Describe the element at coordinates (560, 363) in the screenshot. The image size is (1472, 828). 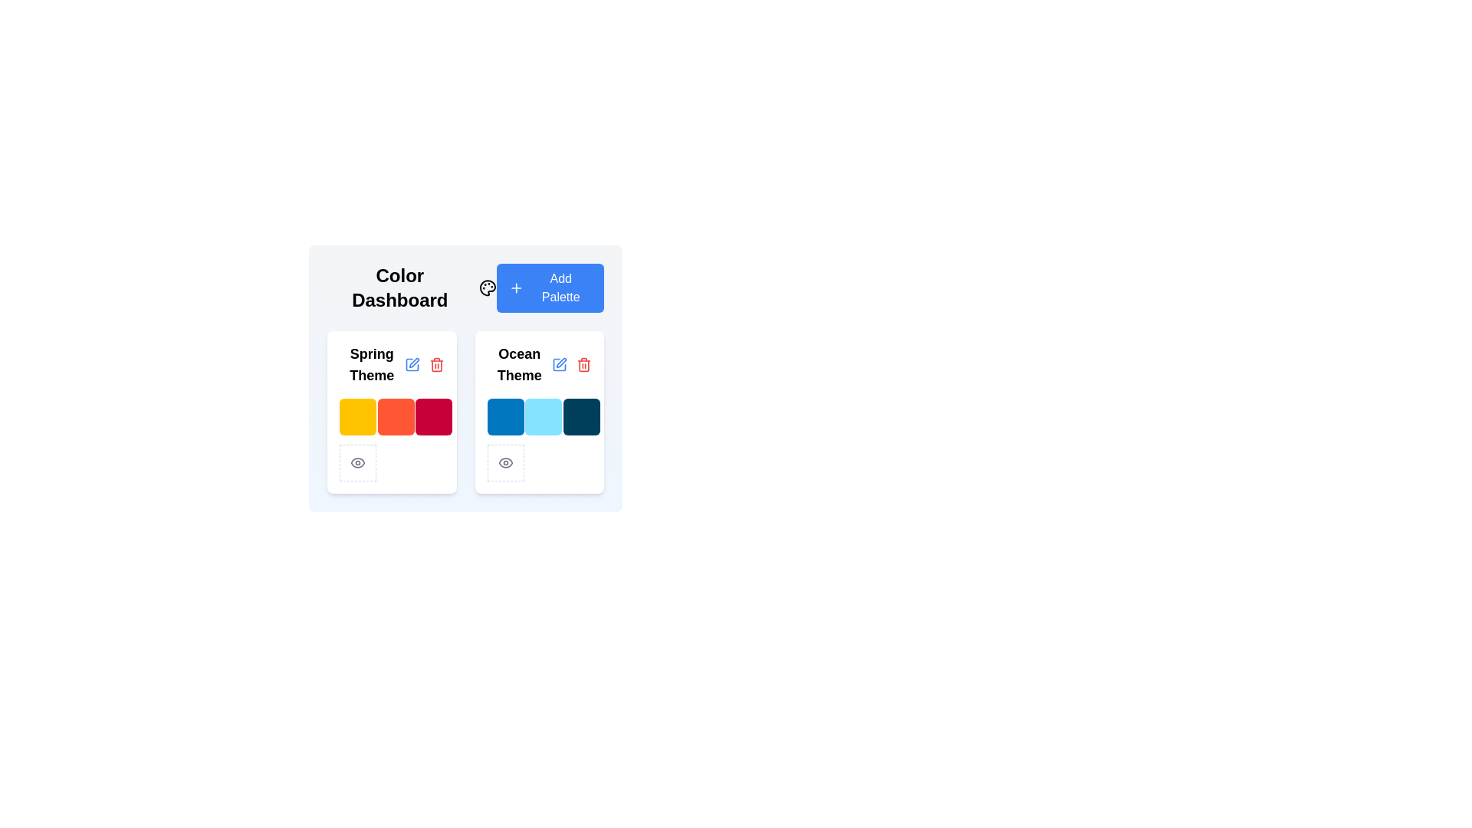
I see `the pen-square icon located in the top-right corner above the color theme cards` at that location.